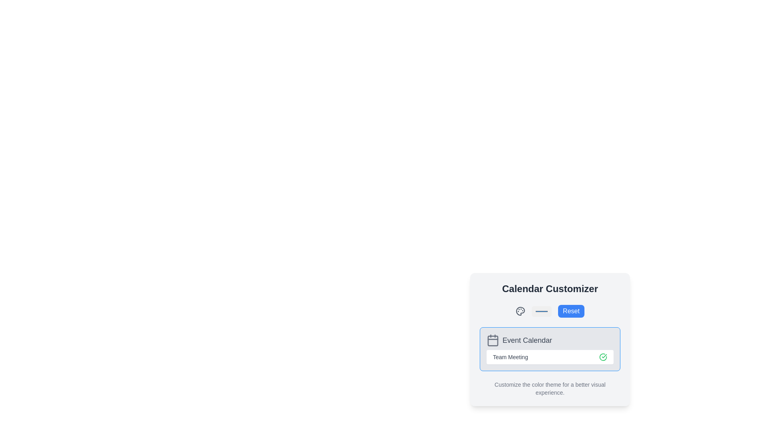  I want to click on contents of the Informational Section labeled 'Event Calendar' which includes the text 'Team Meeting' and a calendar icon, so click(550, 349).